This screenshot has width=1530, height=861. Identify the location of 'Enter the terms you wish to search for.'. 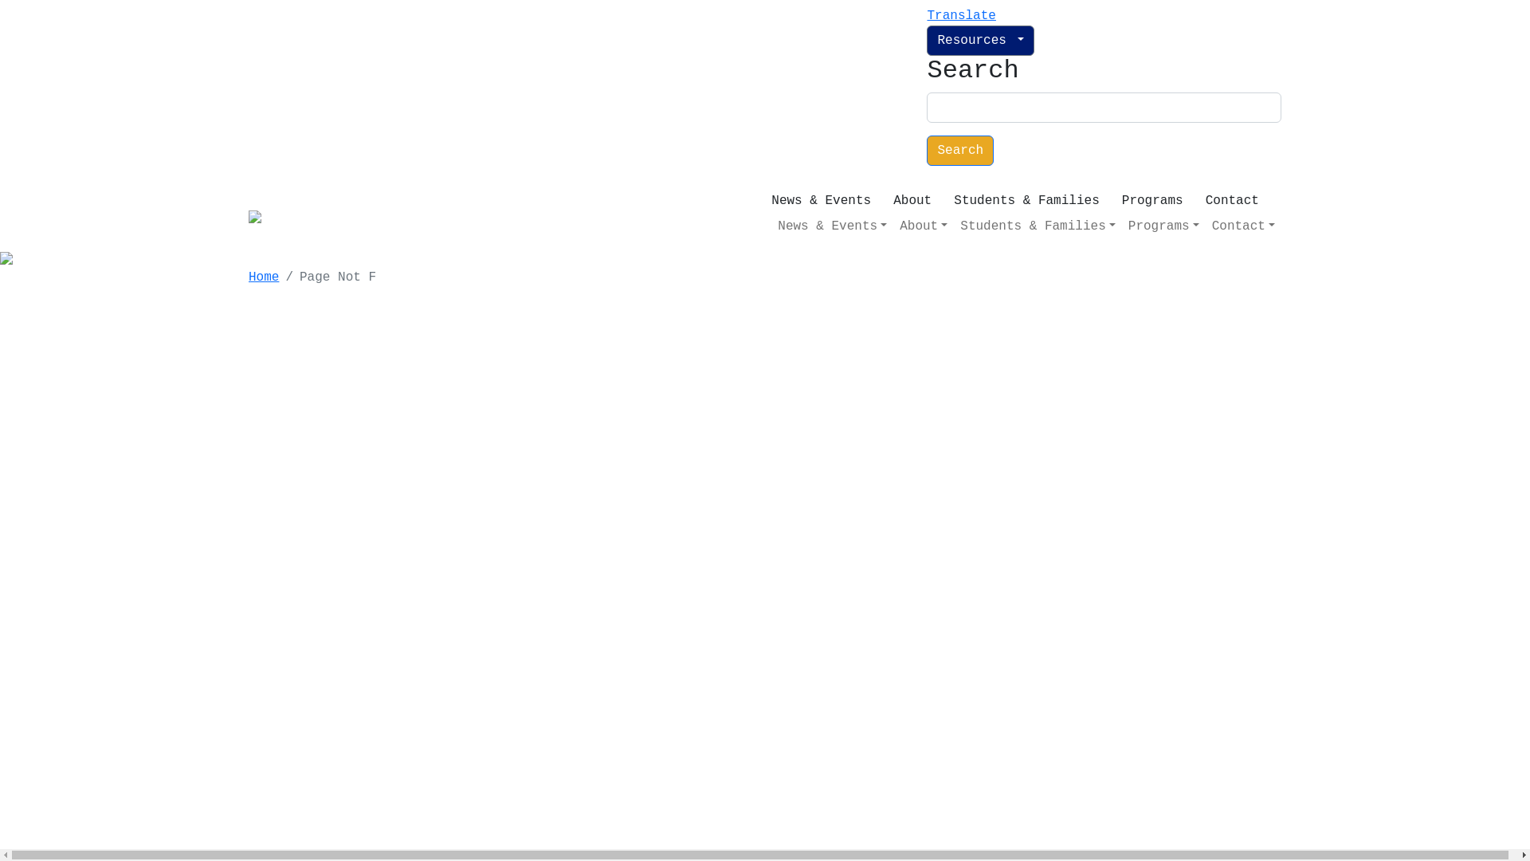
(1103, 108).